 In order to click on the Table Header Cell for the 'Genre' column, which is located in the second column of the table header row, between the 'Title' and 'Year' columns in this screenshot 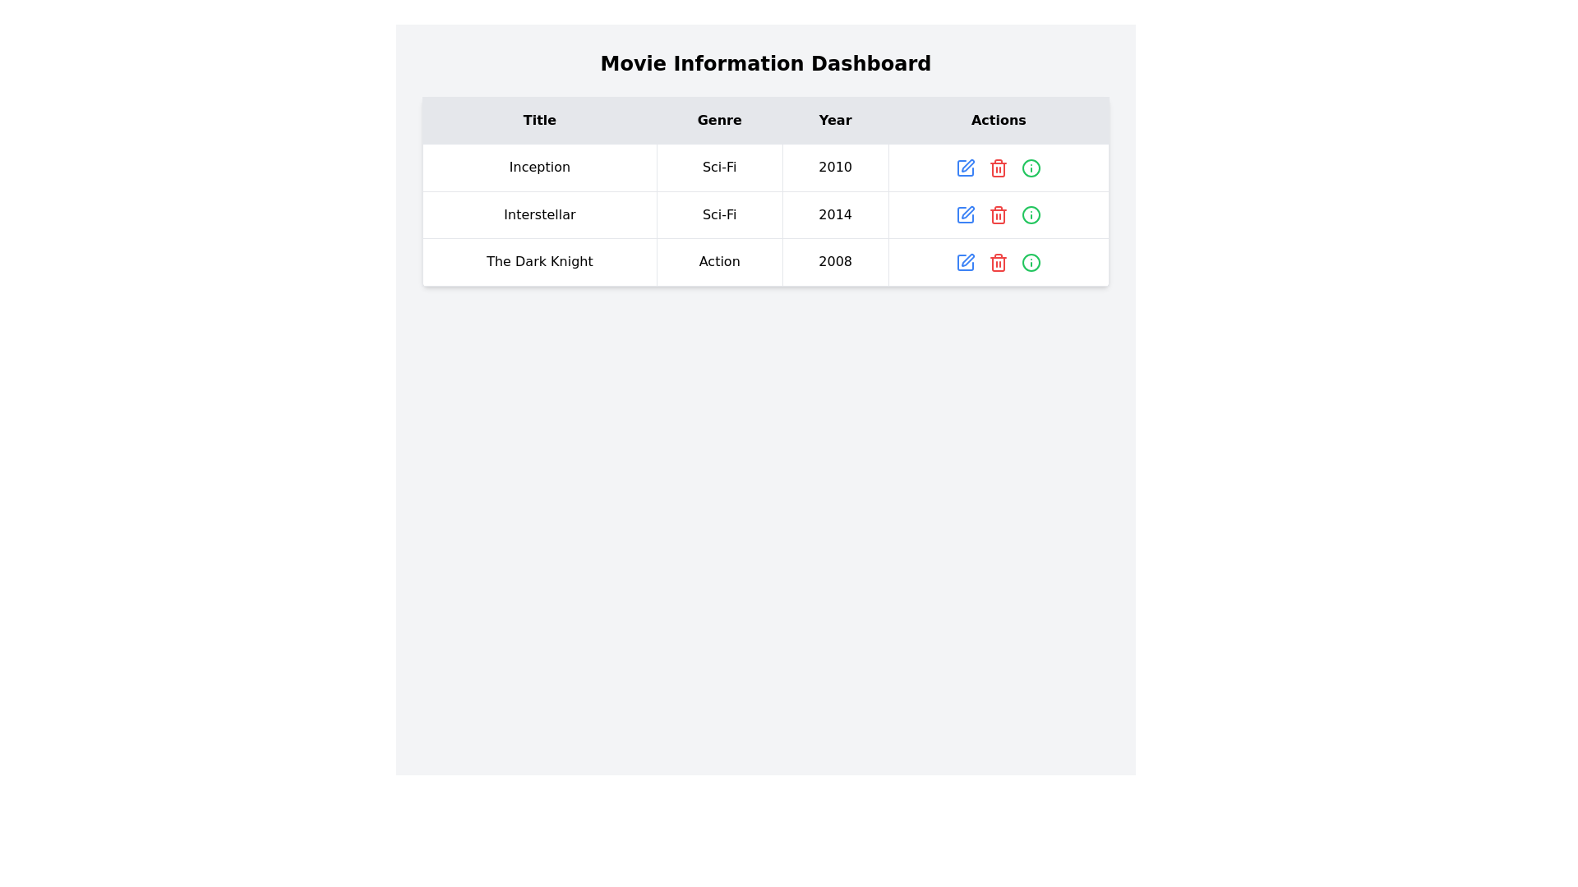, I will do `click(719, 119)`.